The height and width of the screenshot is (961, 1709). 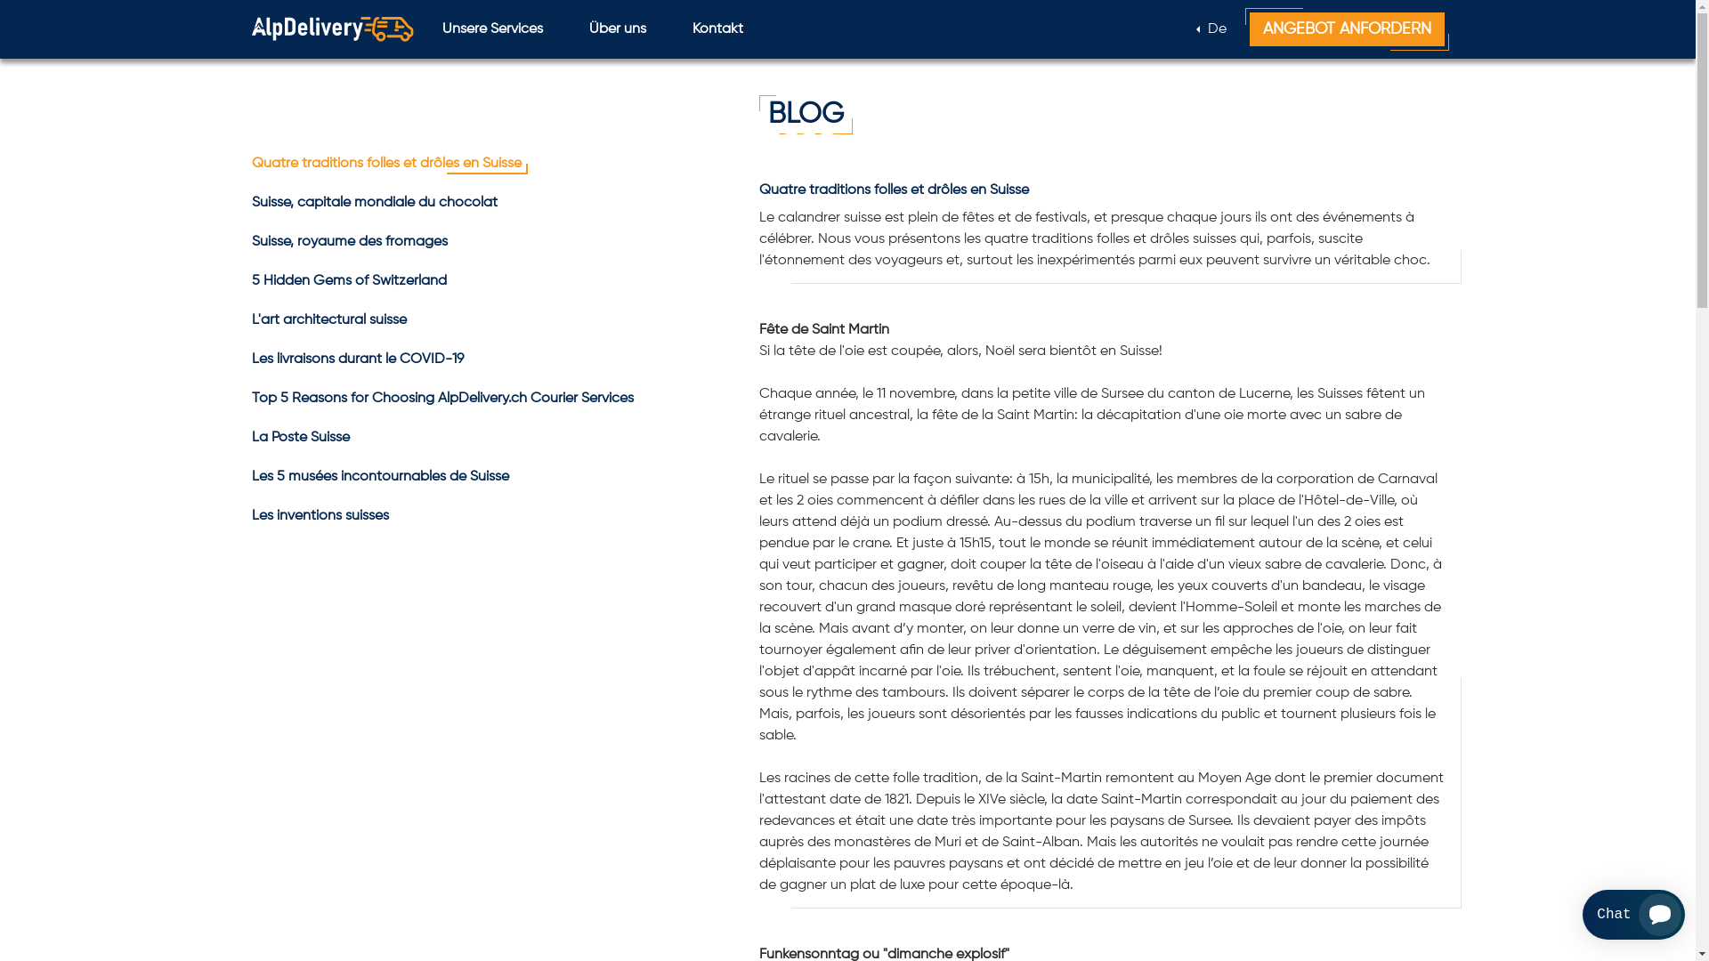 I want to click on '5 Hidden Gems of Switzerland', so click(x=250, y=280).